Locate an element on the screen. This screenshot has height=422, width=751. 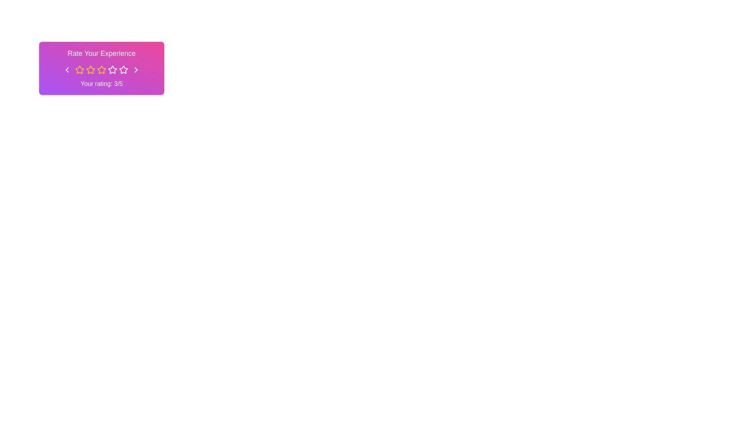
the right-facing chevron arrow button located in the top-right corner of the rating section to proceed to the next page is located at coordinates (136, 69).